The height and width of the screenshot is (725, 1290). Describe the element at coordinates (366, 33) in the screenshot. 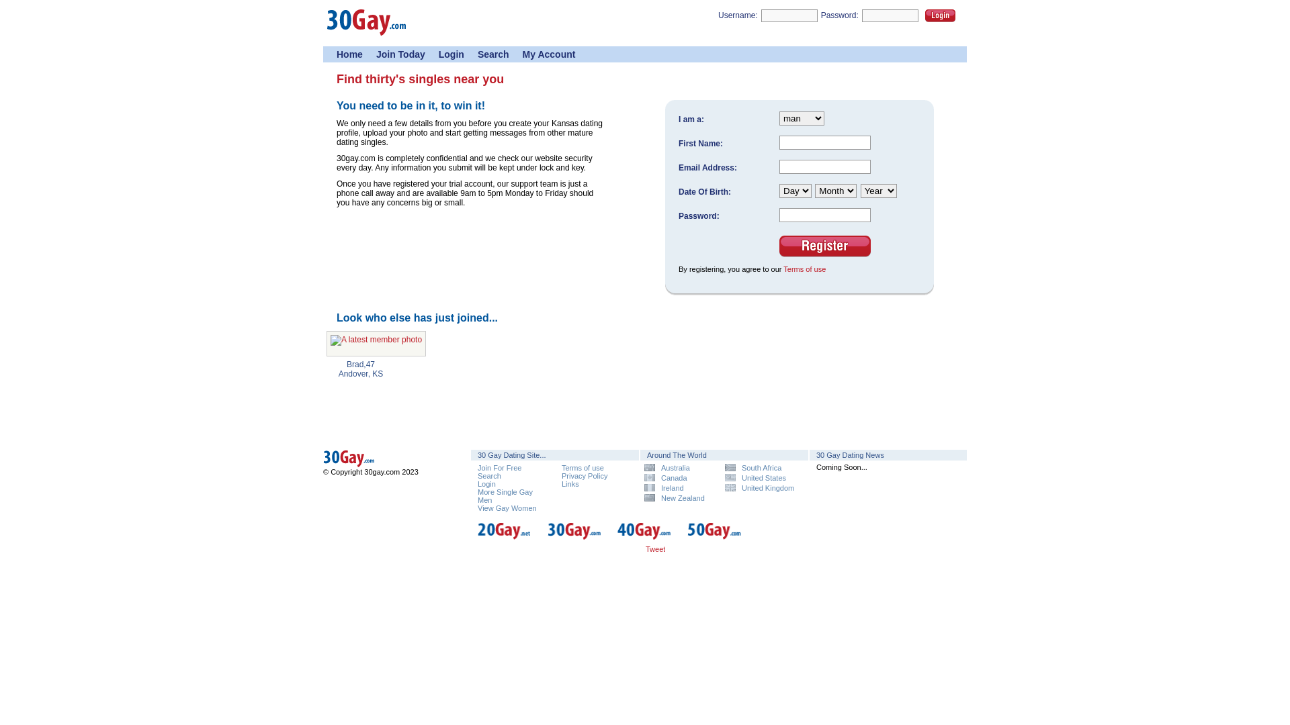

I see `'30 Gay Dating'` at that location.